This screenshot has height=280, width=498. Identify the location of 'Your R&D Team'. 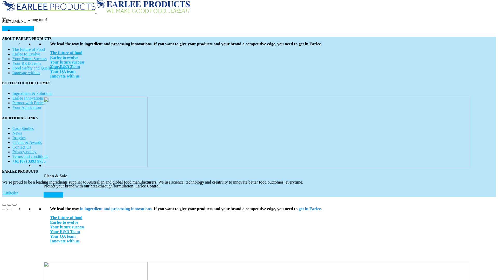
(50, 231).